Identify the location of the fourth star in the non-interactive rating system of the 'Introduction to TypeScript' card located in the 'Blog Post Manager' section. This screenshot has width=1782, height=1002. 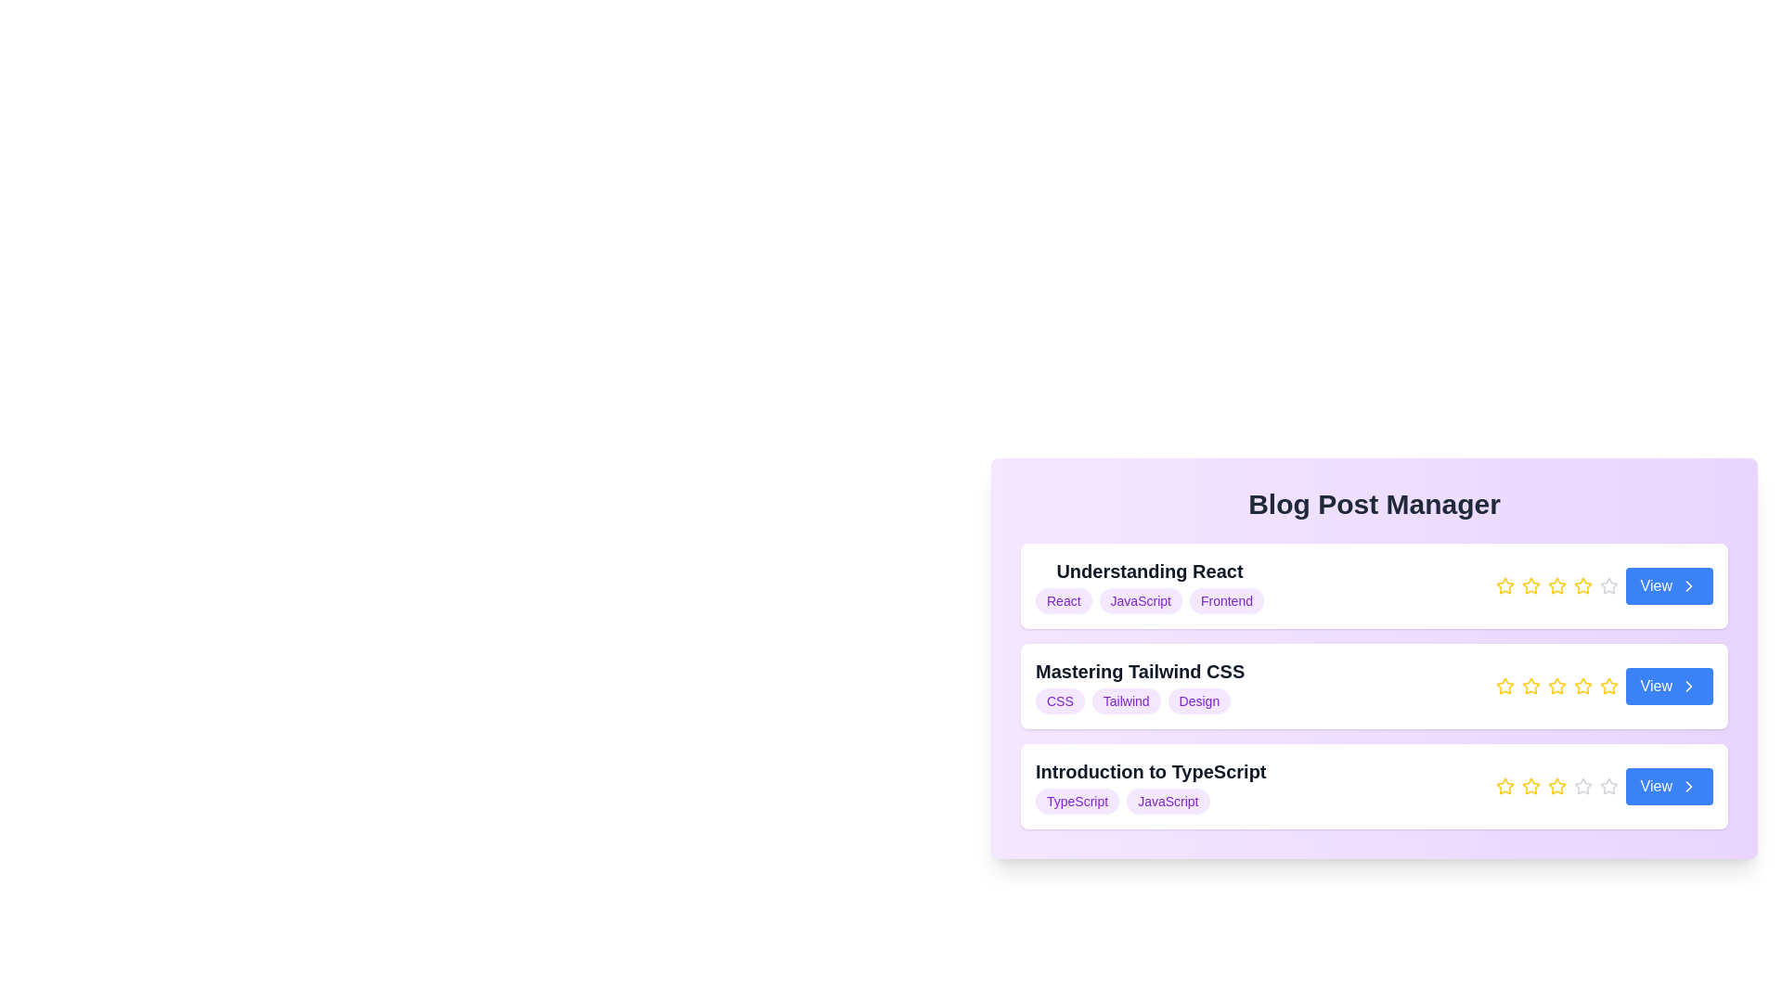
(1603, 787).